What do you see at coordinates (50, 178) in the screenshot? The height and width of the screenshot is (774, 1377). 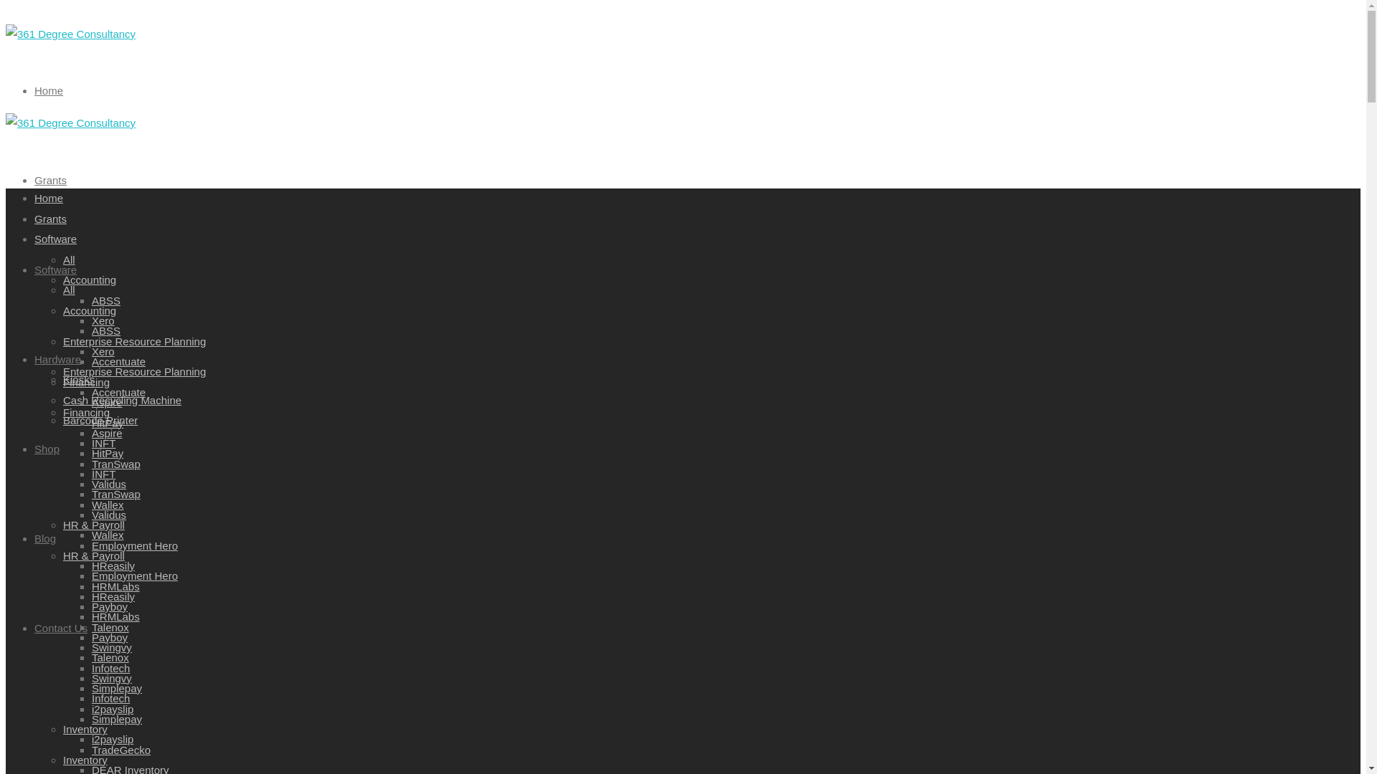 I see `'Grants'` at bounding box center [50, 178].